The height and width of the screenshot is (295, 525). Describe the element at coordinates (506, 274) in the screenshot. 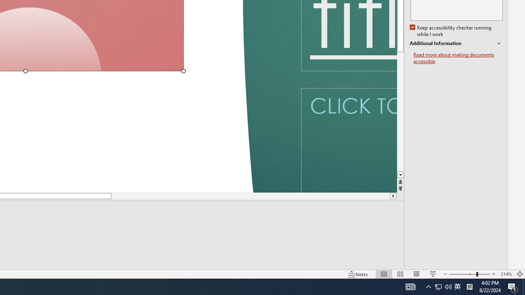

I see `'Zoom 214%'` at that location.